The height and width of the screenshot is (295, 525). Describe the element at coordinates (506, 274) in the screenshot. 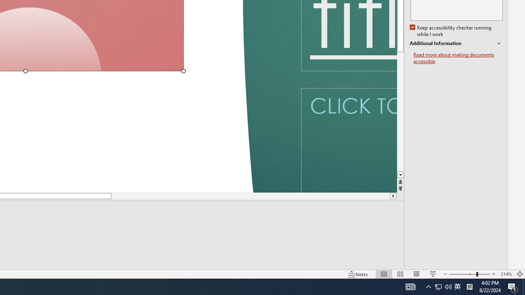

I see `'Zoom 214%'` at that location.